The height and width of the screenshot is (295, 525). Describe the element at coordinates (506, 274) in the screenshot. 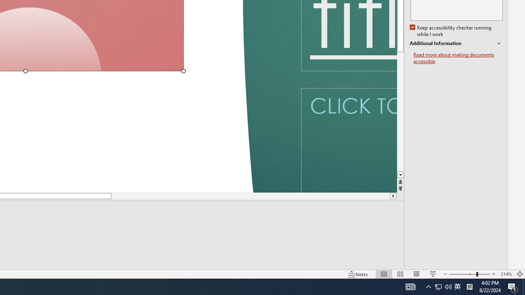

I see `'Zoom 214%'` at that location.